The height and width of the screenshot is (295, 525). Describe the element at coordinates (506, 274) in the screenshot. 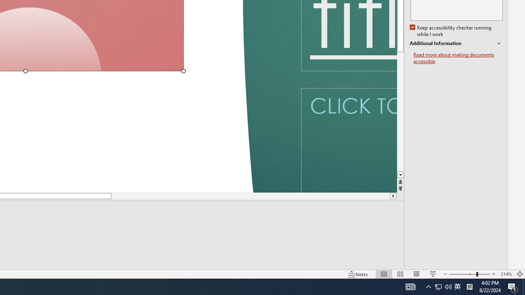

I see `'Zoom 214%'` at that location.